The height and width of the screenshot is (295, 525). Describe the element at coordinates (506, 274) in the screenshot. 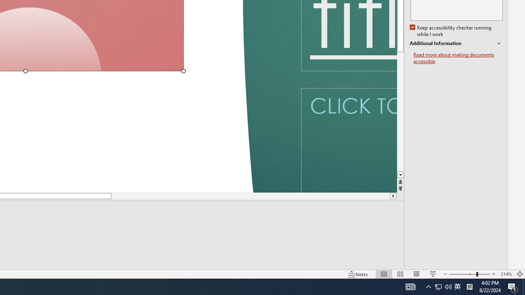

I see `'Zoom 214%'` at that location.